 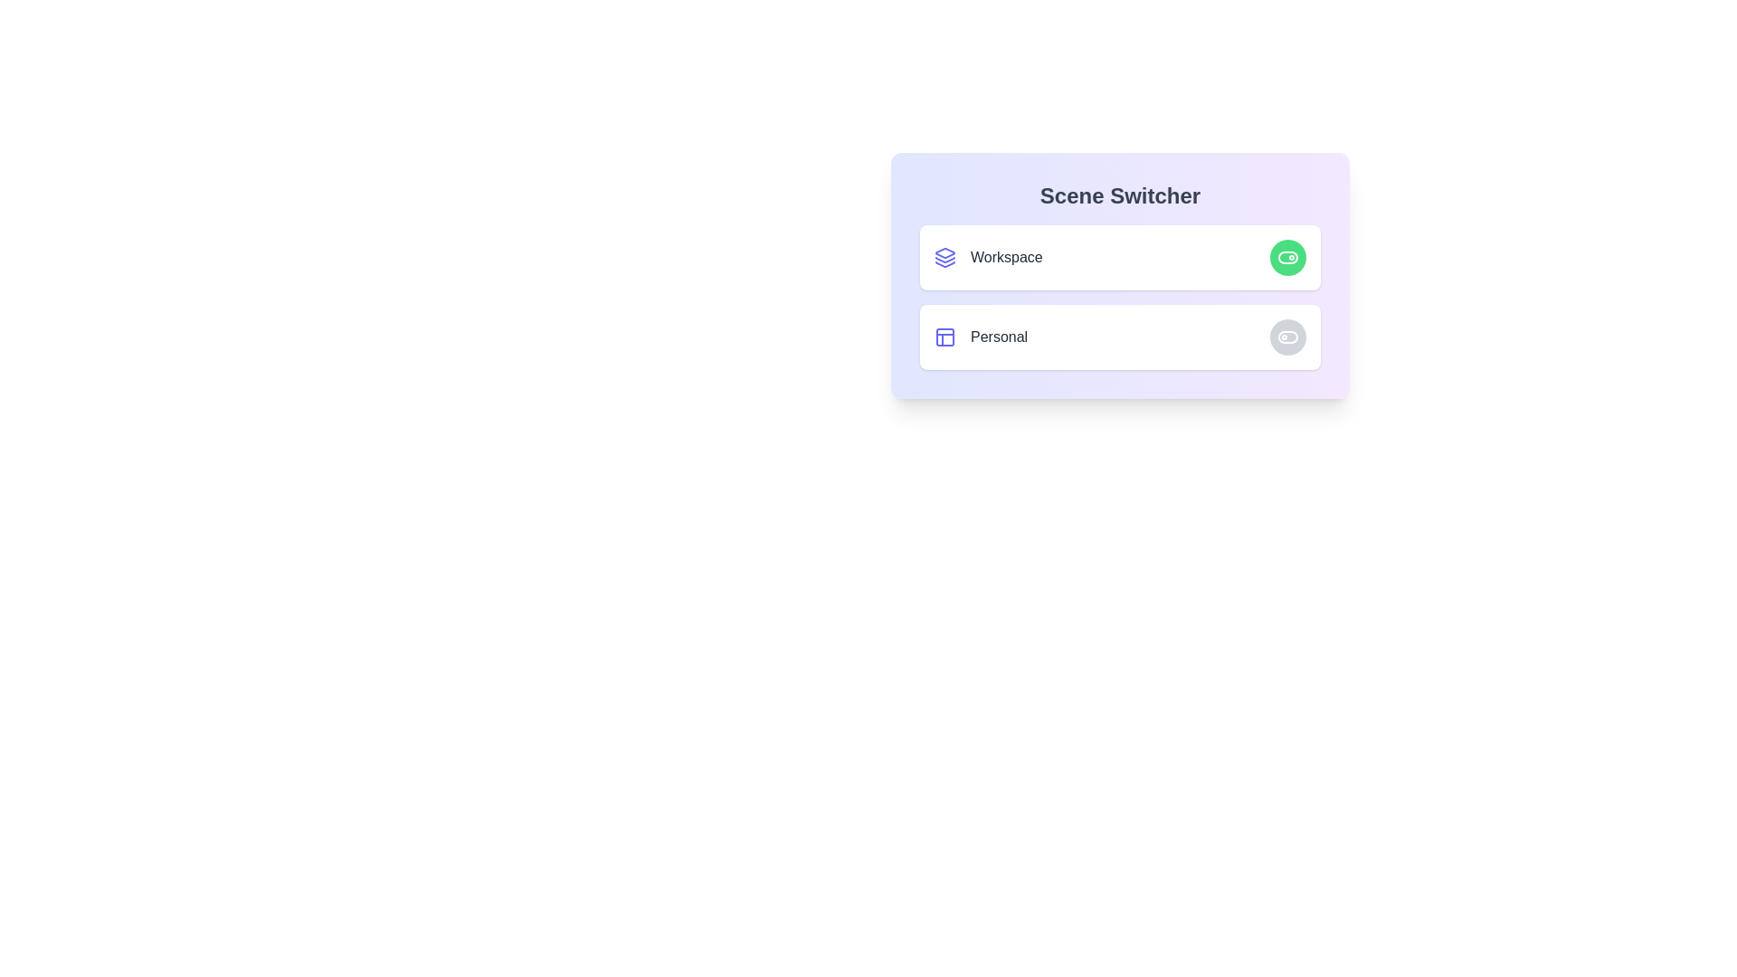 What do you see at coordinates (998, 337) in the screenshot?
I see `text label that identifies the 'Personal' scene option located under the 'Scene Switcher' section, which is the second item in the list` at bounding box center [998, 337].